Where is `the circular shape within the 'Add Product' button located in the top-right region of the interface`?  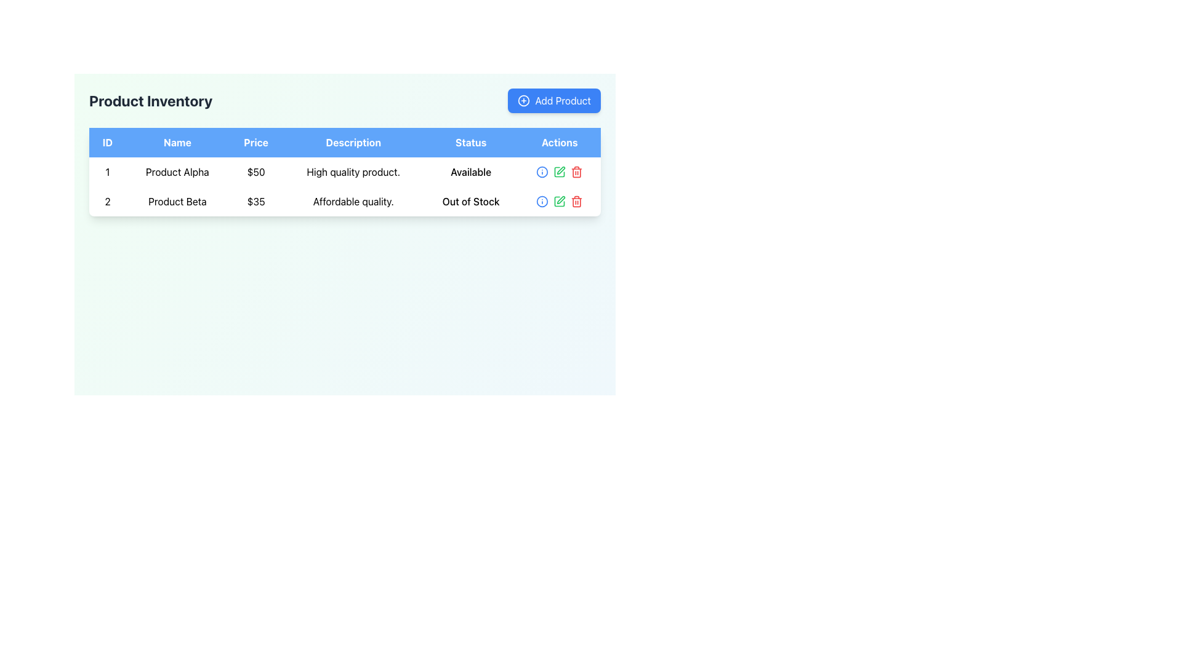 the circular shape within the 'Add Product' button located in the top-right region of the interface is located at coordinates (524, 100).